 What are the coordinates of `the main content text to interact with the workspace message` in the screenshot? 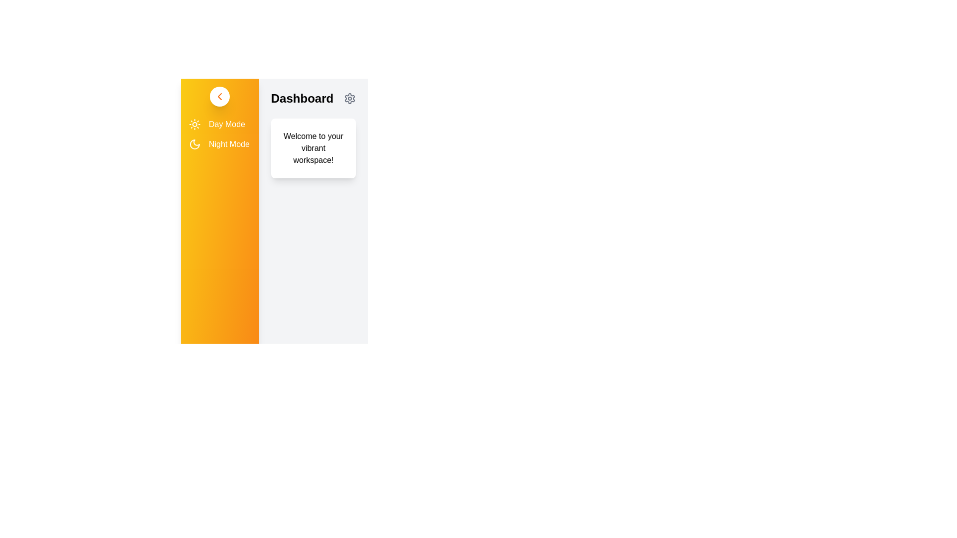 It's located at (313, 148).